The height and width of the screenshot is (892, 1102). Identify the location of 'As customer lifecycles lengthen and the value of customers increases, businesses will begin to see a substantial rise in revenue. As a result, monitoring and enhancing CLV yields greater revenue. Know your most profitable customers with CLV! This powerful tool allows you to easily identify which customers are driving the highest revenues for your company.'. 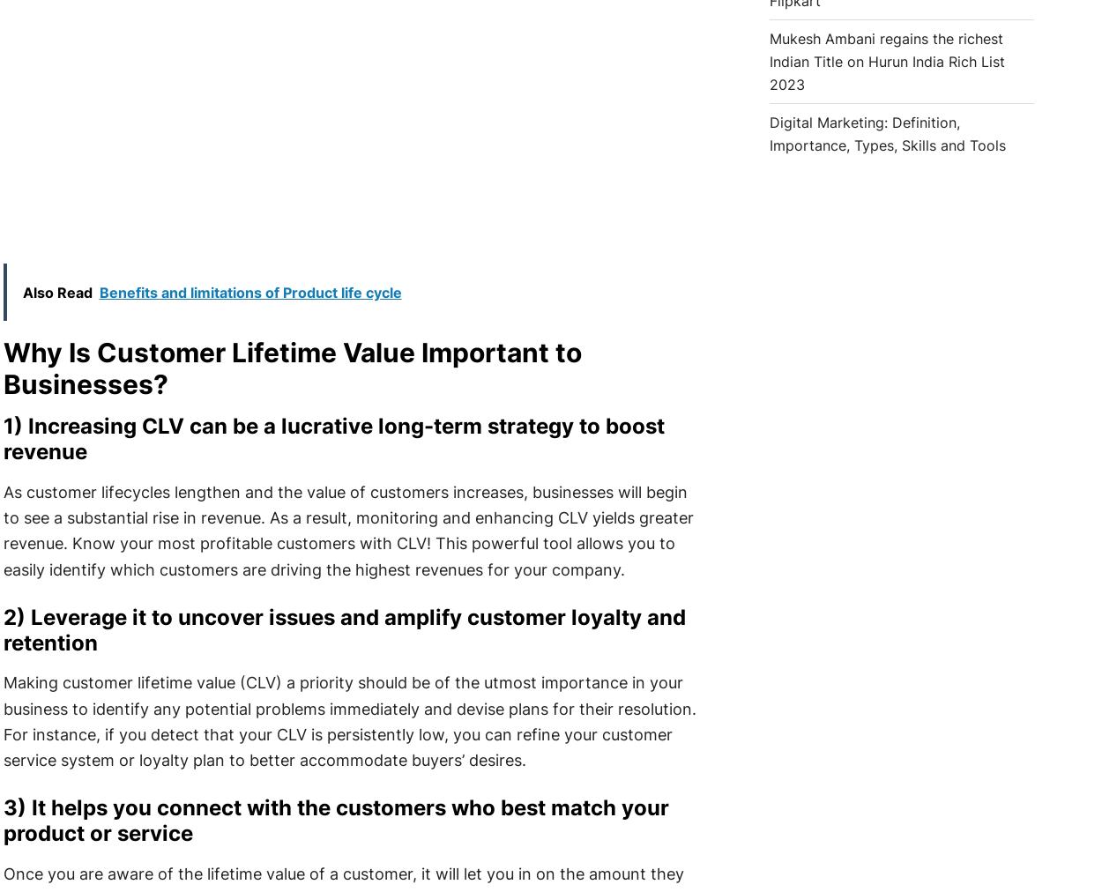
(347, 529).